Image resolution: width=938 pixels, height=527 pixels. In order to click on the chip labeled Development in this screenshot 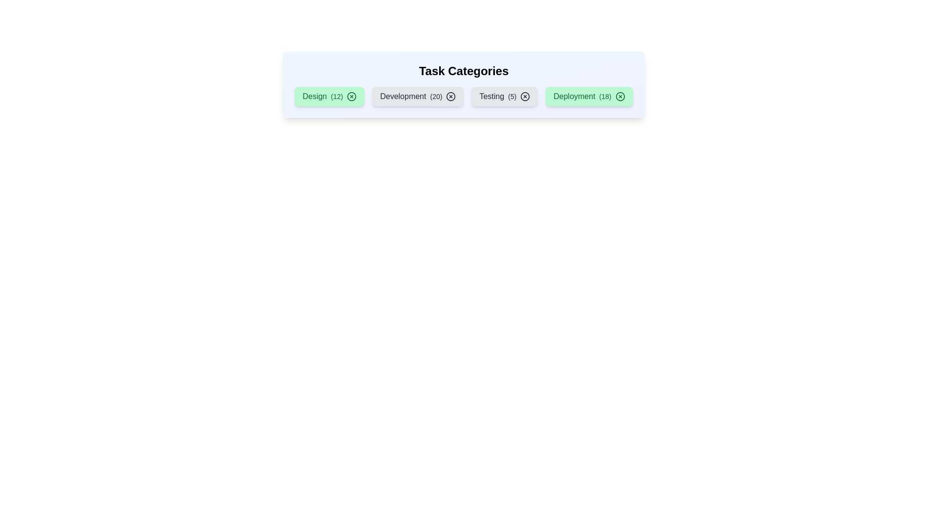, I will do `click(418, 96)`.